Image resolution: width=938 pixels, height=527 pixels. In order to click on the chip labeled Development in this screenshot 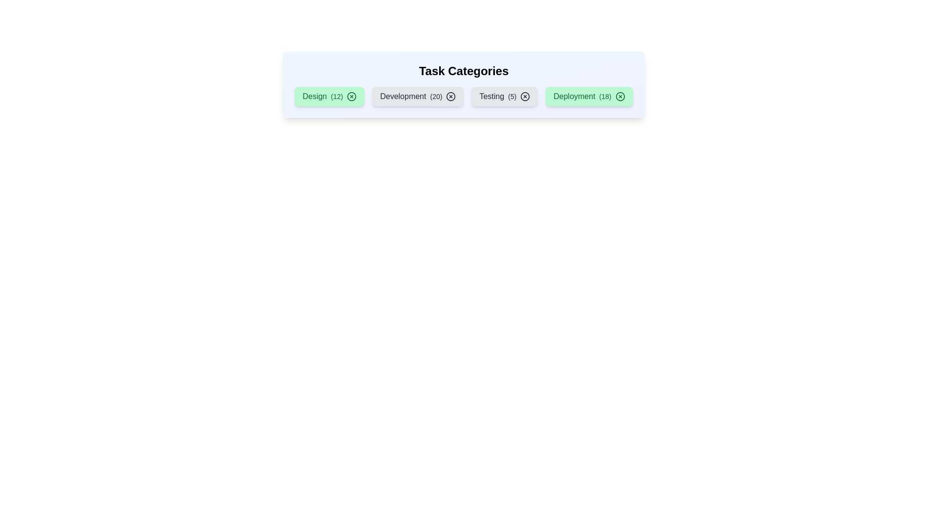, I will do `click(418, 96)`.